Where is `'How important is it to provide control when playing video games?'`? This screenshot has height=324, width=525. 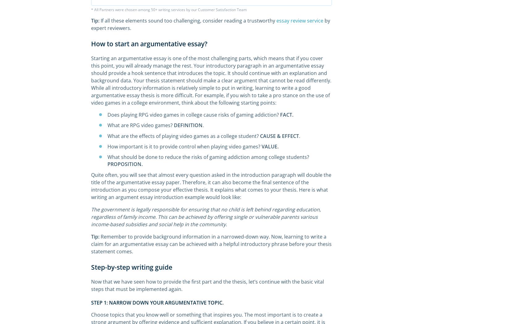 'How important is it to provide control when playing video games?' is located at coordinates (184, 146).